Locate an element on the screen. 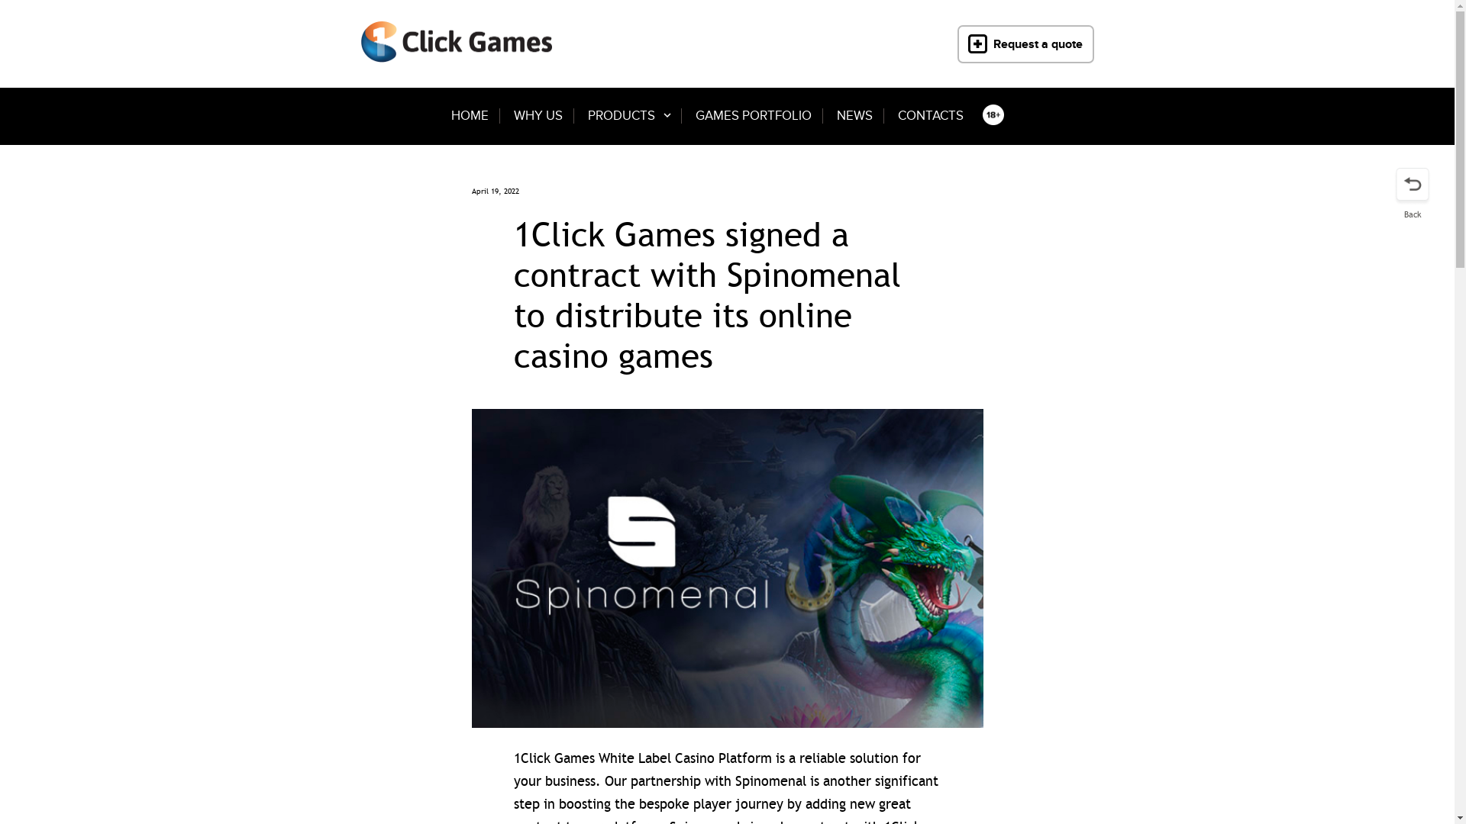 This screenshot has height=824, width=1466. 'WHY US' is located at coordinates (538, 115).